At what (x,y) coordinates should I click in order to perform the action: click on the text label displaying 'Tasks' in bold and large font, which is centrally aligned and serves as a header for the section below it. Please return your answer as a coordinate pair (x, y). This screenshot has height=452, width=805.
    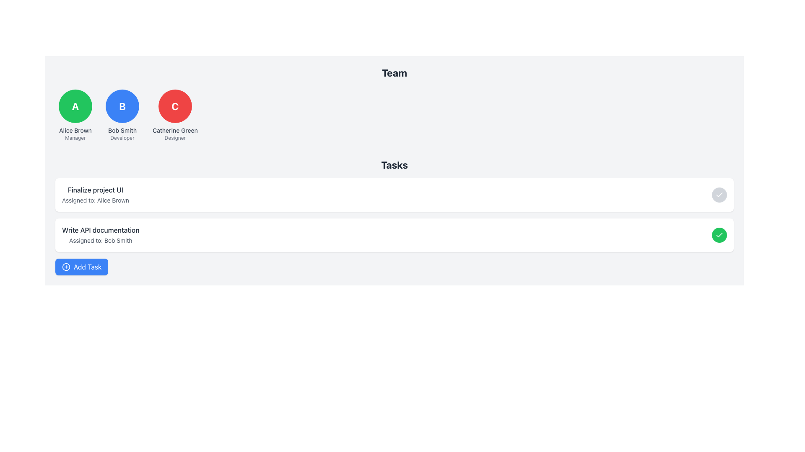
    Looking at the image, I should click on (394, 164).